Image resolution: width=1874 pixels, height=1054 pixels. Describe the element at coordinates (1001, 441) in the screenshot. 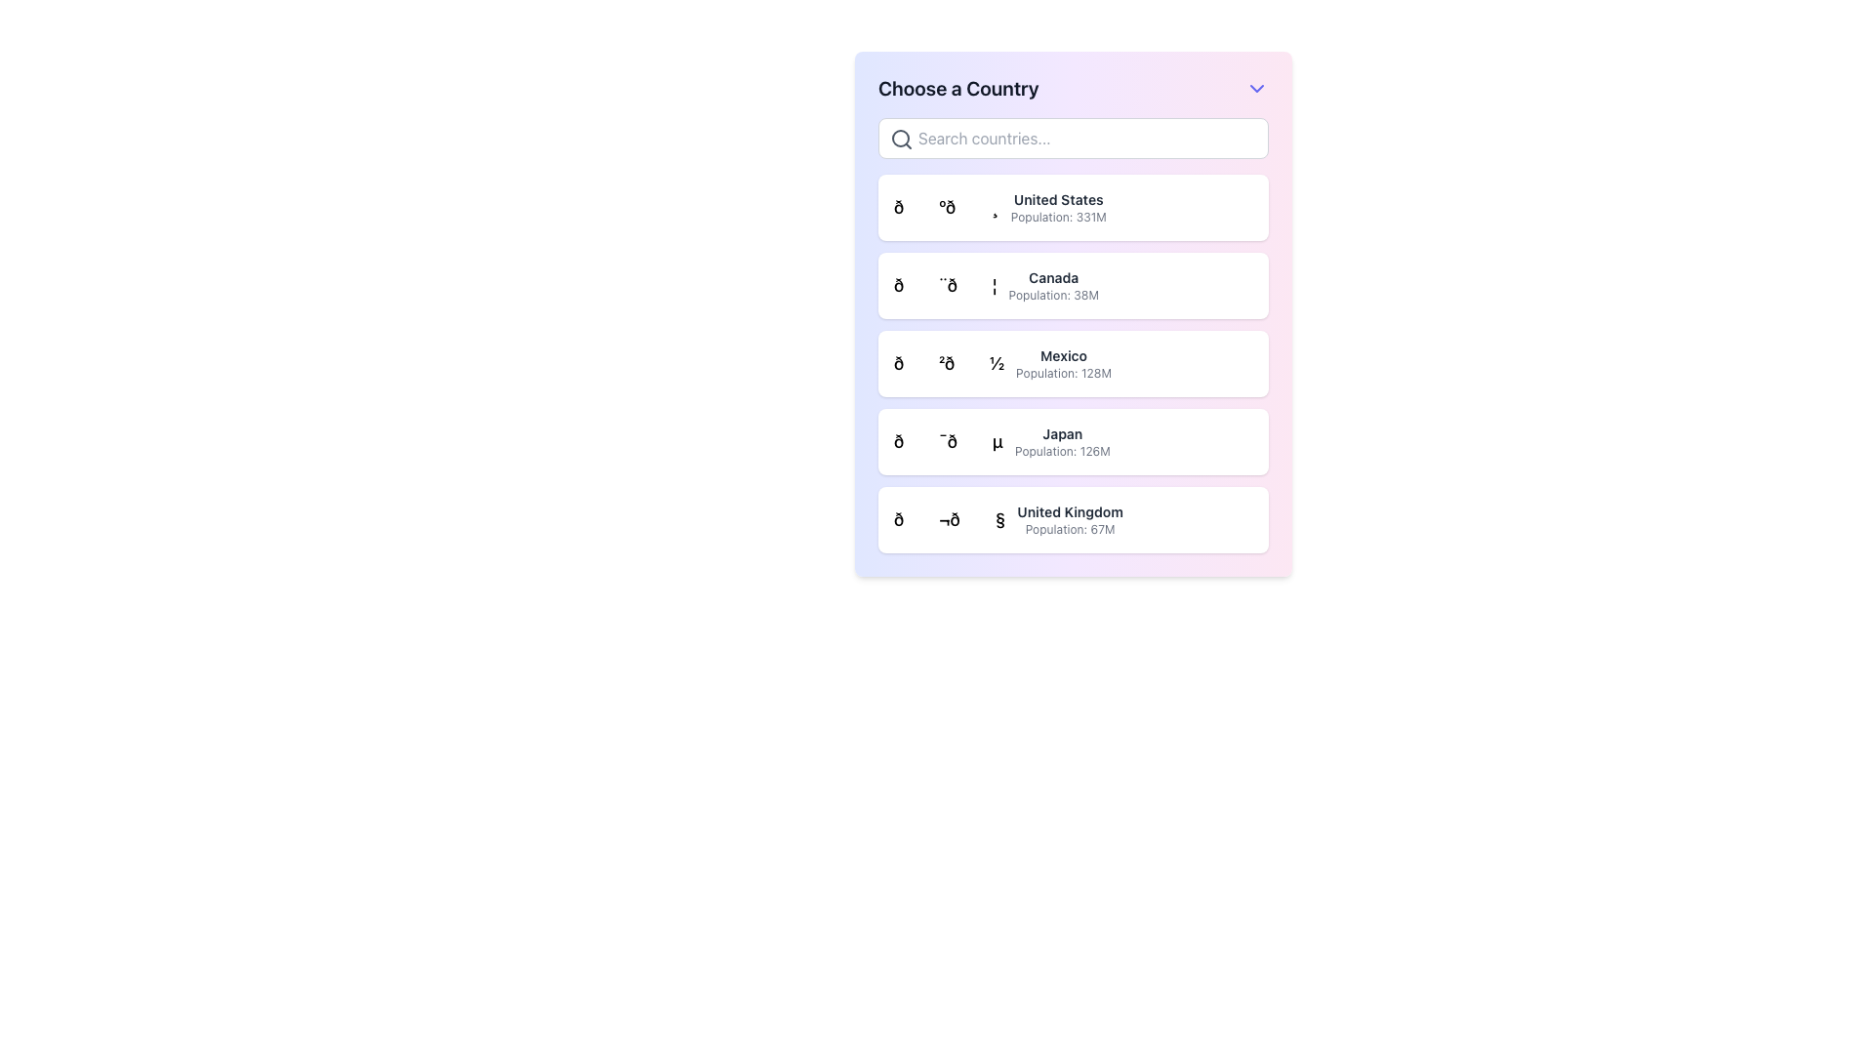

I see `the List Item representing Japan in the country selection list` at that location.